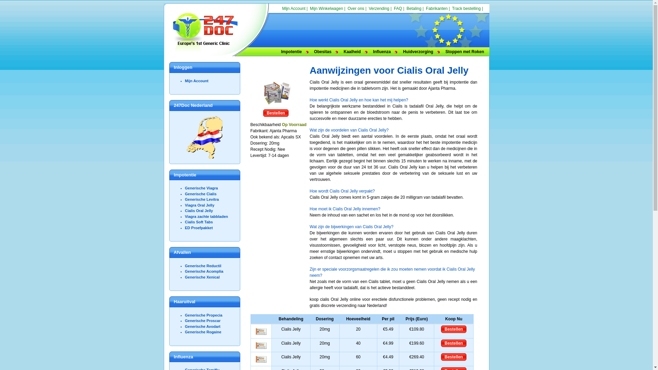 The width and height of the screenshot is (658, 370). Describe the element at coordinates (398, 8) in the screenshot. I see `'FAQ'` at that location.